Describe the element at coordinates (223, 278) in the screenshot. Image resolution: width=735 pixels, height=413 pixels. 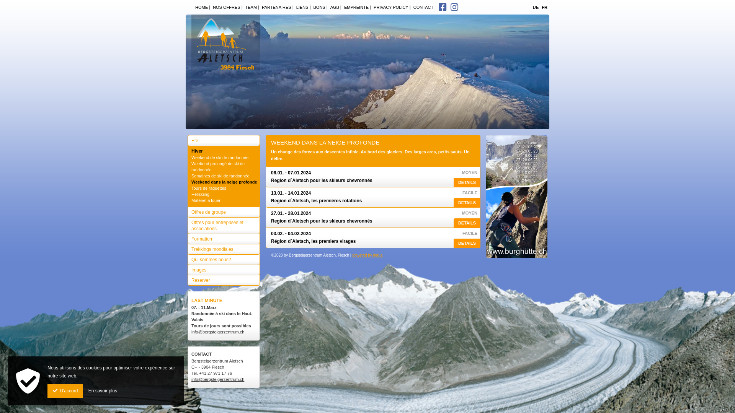
I see `'Reserver'` at that location.